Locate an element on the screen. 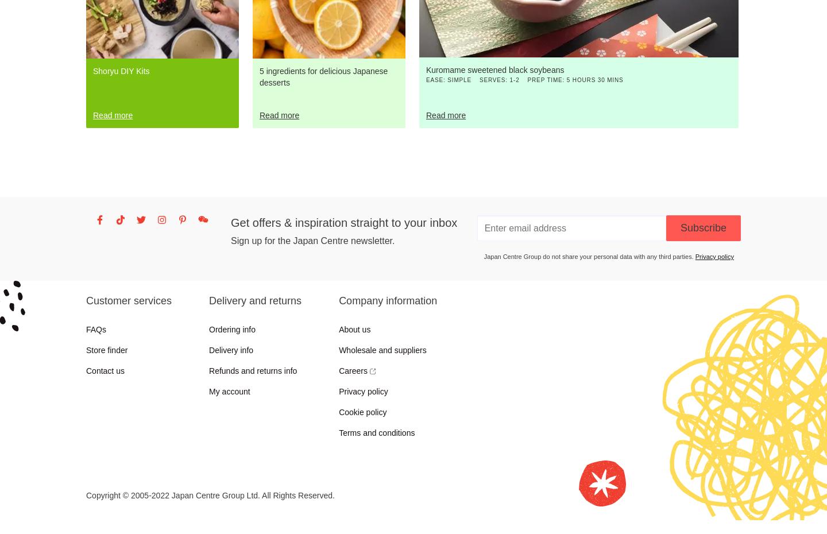  'Wholesale and suppliers' is located at coordinates (382, 349).